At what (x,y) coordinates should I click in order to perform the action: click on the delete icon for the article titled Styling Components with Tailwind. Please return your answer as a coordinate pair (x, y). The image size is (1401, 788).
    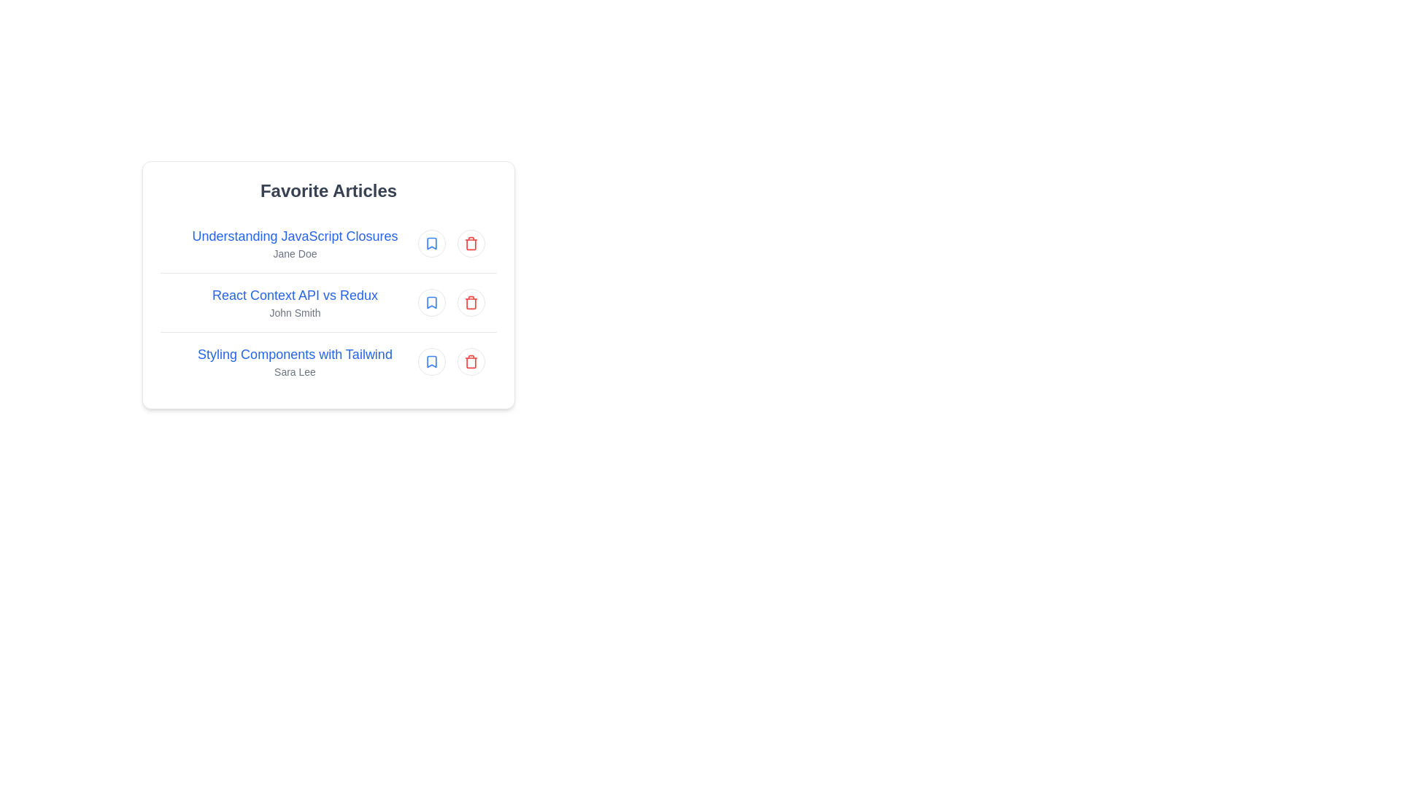
    Looking at the image, I should click on (471, 361).